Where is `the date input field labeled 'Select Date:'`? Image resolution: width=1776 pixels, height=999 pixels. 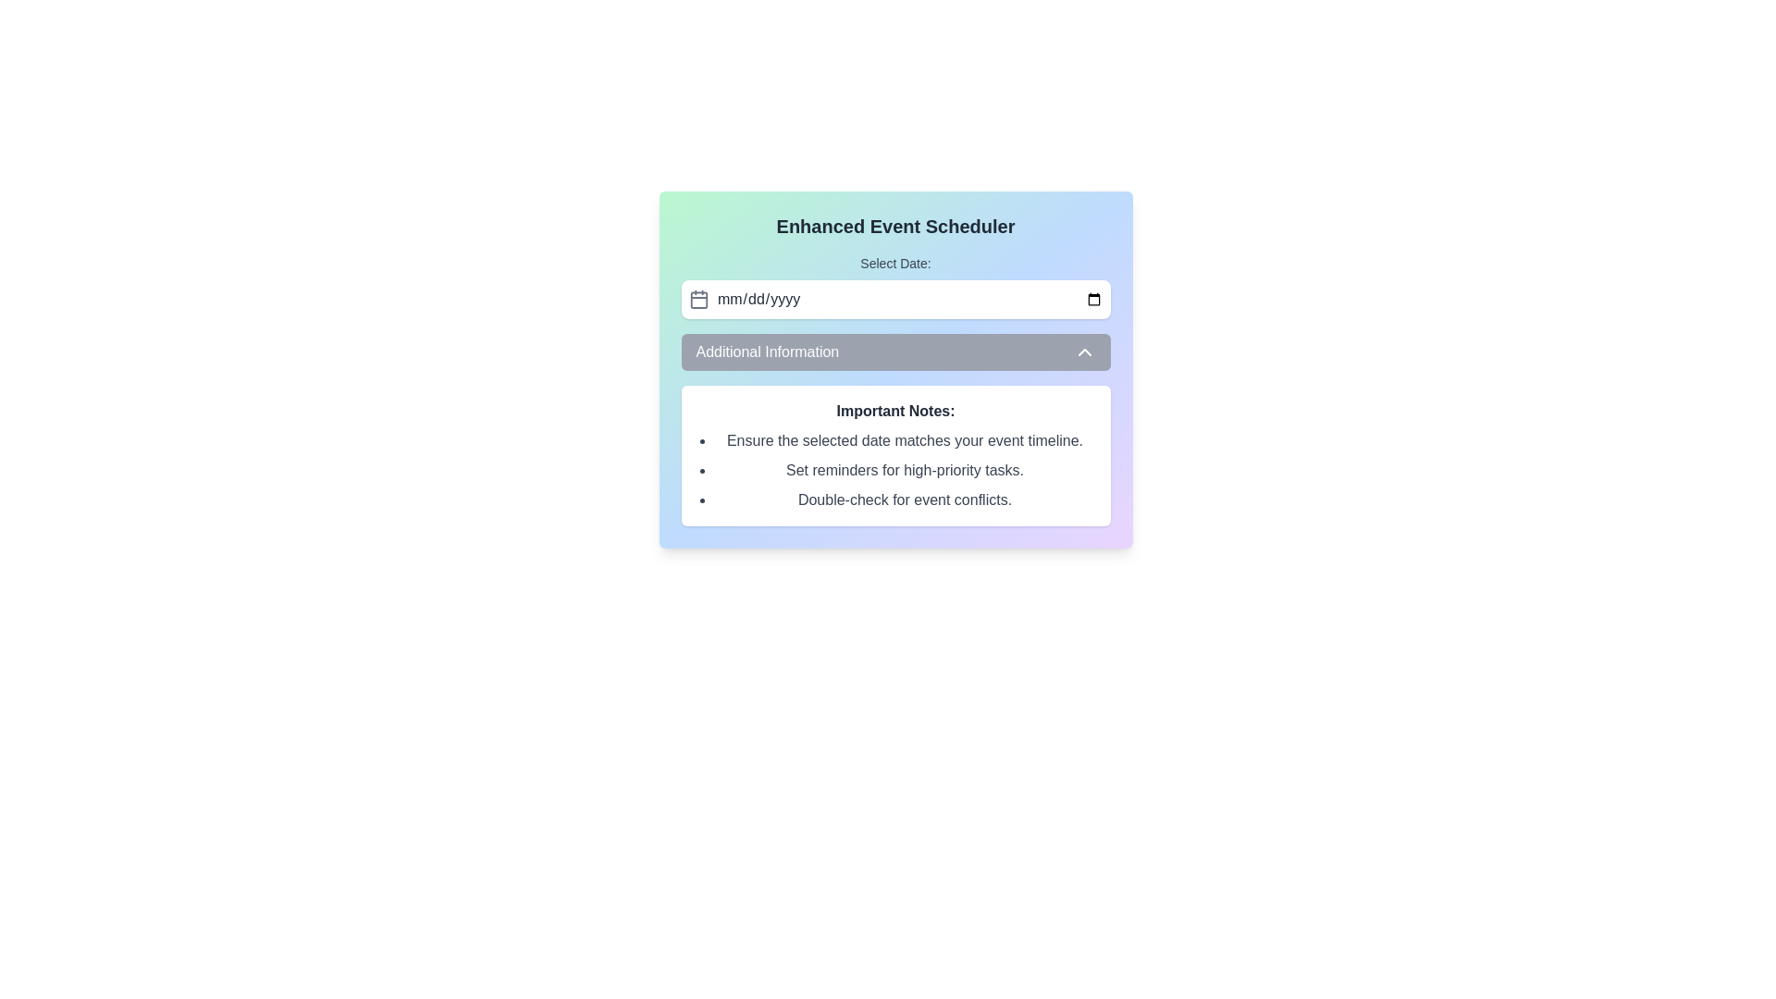 the date input field labeled 'Select Date:' is located at coordinates (895, 286).